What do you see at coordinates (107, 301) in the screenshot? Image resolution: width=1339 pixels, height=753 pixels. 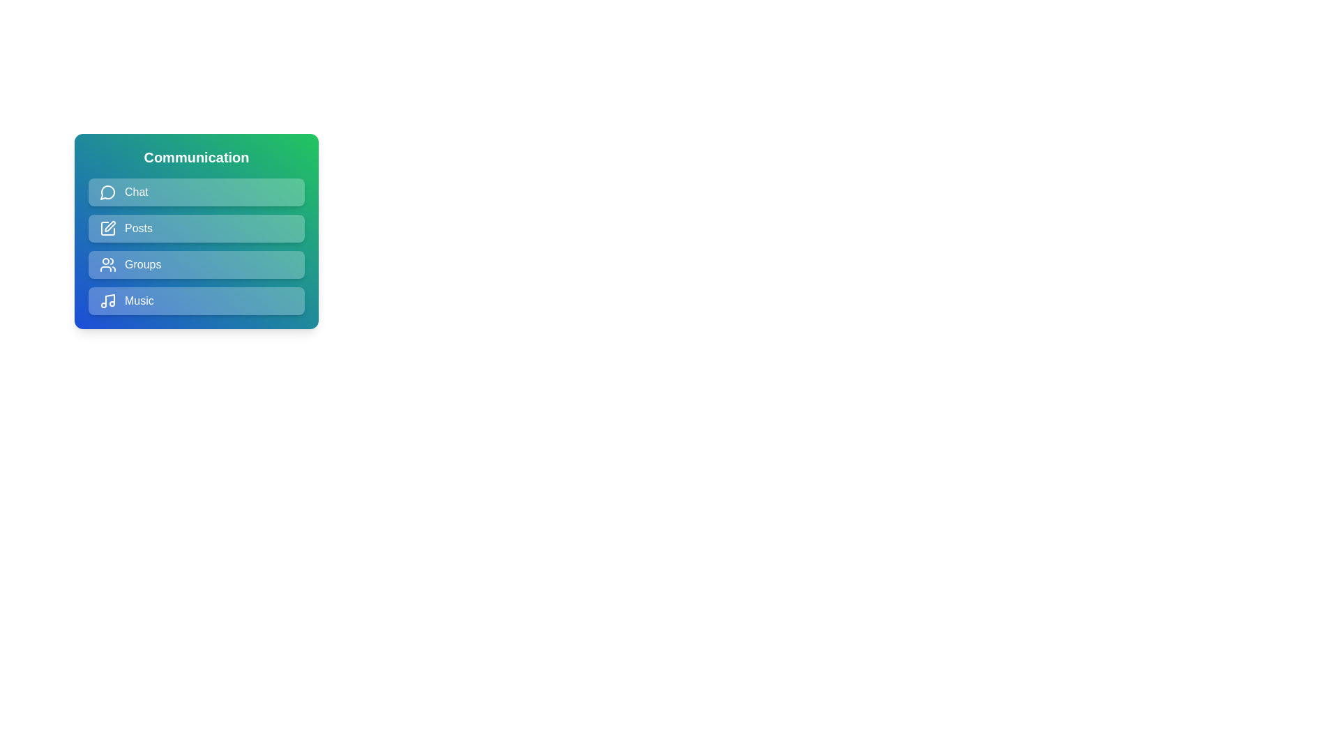 I see `the icon associated with the Music menu item` at bounding box center [107, 301].